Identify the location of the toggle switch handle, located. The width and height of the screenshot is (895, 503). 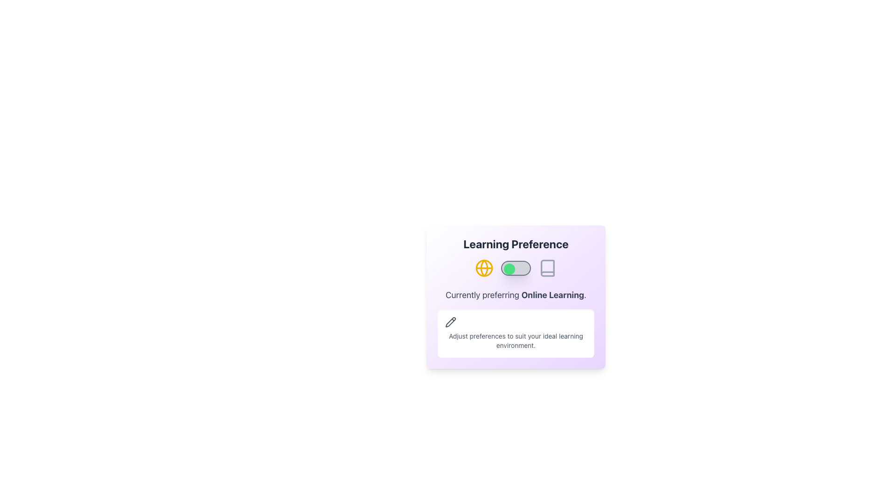
(509, 269).